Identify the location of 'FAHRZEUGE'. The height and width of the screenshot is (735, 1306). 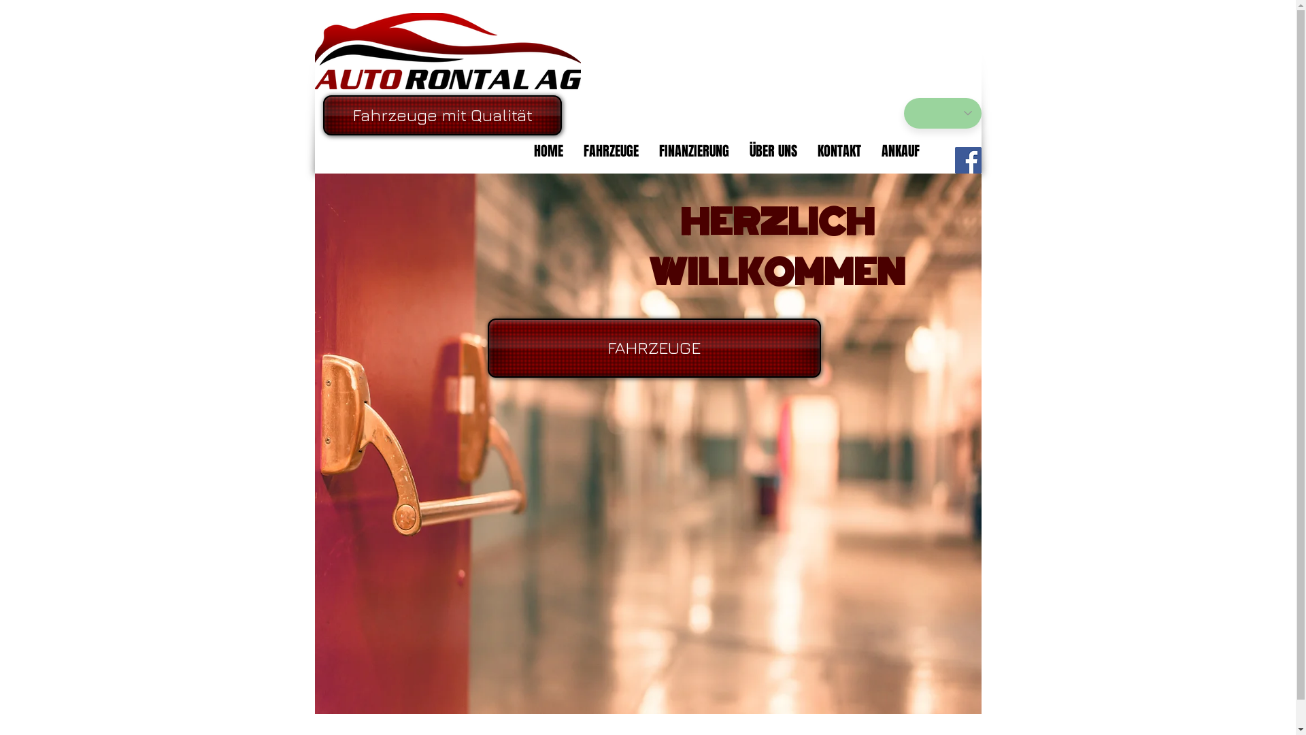
(653, 347).